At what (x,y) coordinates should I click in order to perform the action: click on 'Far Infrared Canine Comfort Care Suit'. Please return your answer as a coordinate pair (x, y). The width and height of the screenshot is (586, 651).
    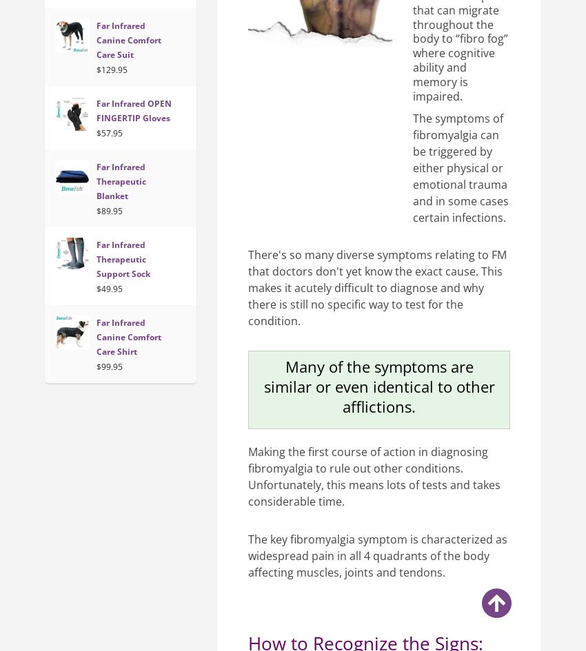
    Looking at the image, I should click on (128, 39).